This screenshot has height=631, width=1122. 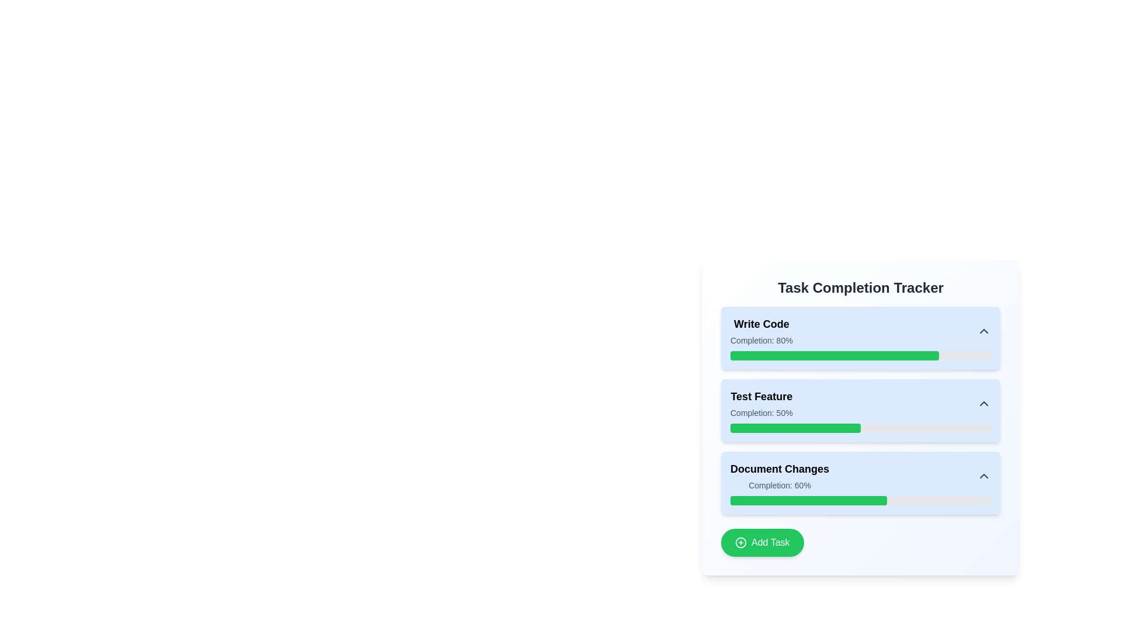 I want to click on the Text label that displays the progress completion percentage for the 'Write Code' task, which is located directly below the title 'Write Code' and is horizontally centered within the 'Task Completion Tracker' block, so click(x=761, y=340).